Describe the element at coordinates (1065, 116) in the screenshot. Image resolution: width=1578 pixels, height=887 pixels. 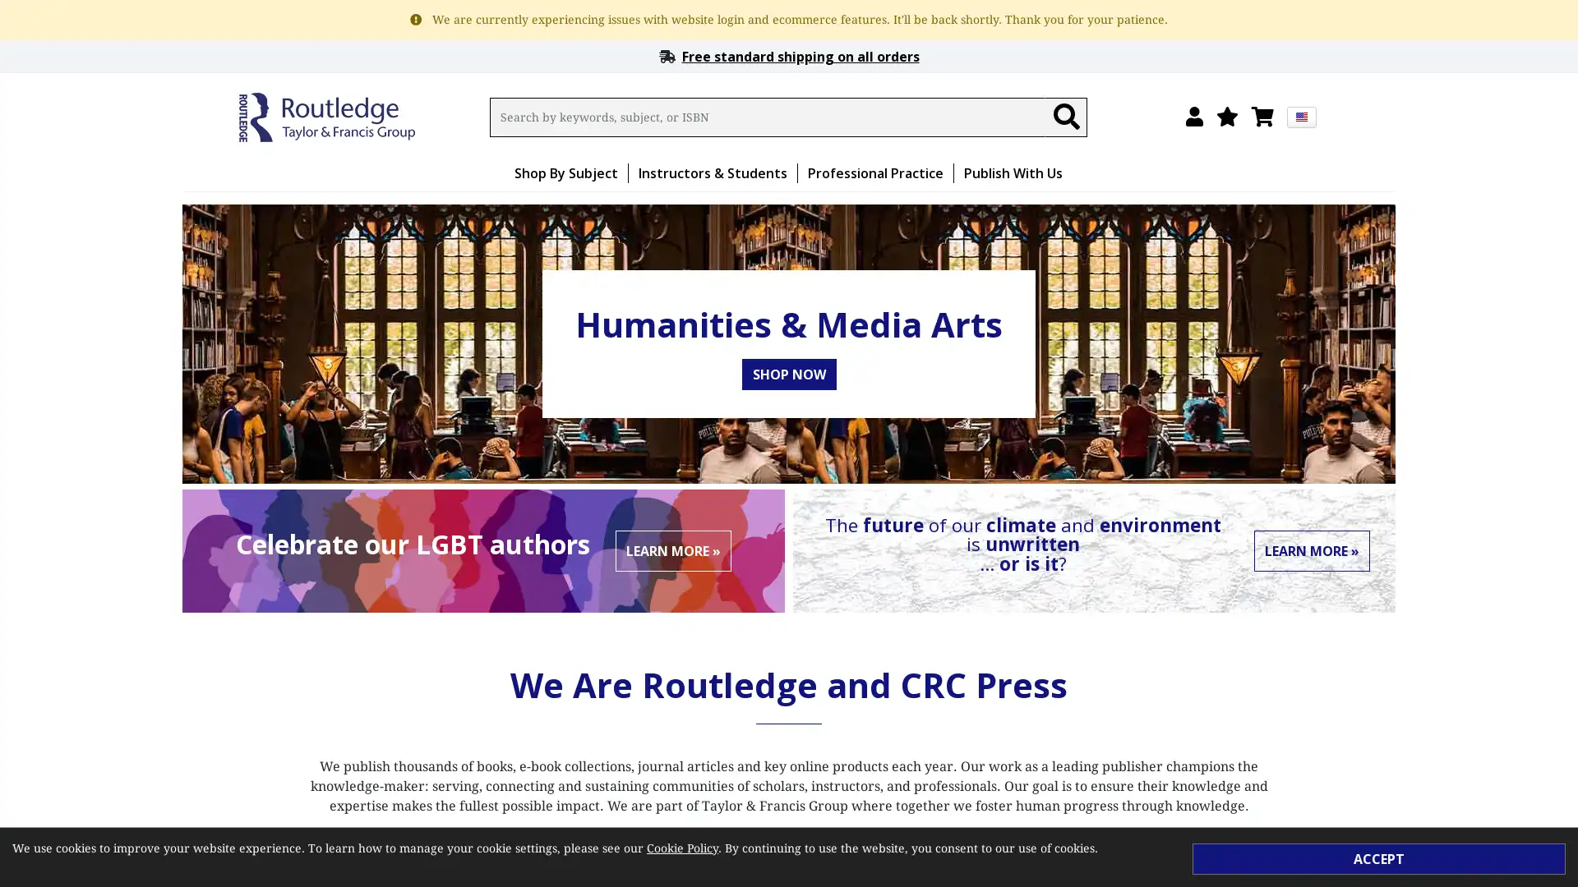
I see `Search` at that location.